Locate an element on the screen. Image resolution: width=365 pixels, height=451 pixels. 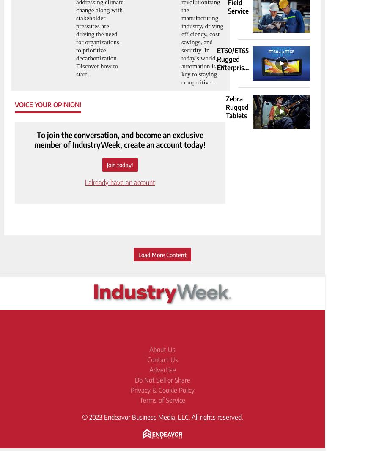
'ET60/ET65 Rugged Enterprise Tablets Product Overview' is located at coordinates (233, 72).